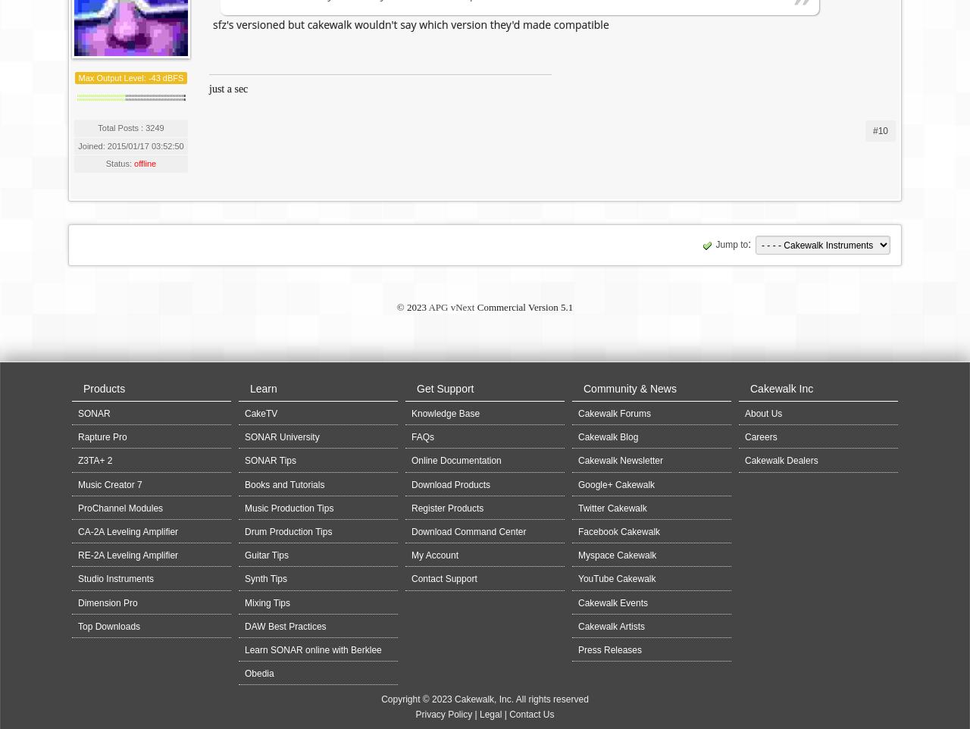 The width and height of the screenshot is (970, 729). Describe the element at coordinates (615, 414) in the screenshot. I see `'Cakewalk Forums'` at that location.